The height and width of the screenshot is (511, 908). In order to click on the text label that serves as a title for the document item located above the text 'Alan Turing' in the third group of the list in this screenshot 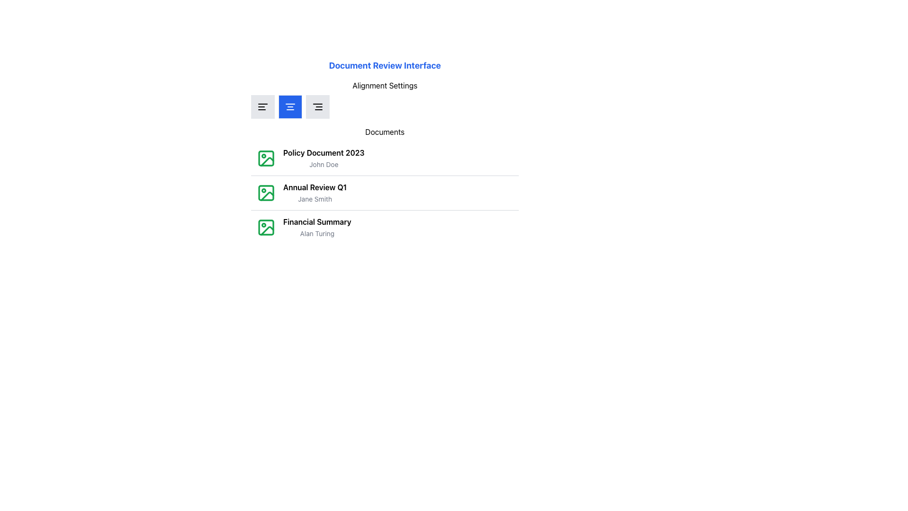, I will do `click(317, 222)`.